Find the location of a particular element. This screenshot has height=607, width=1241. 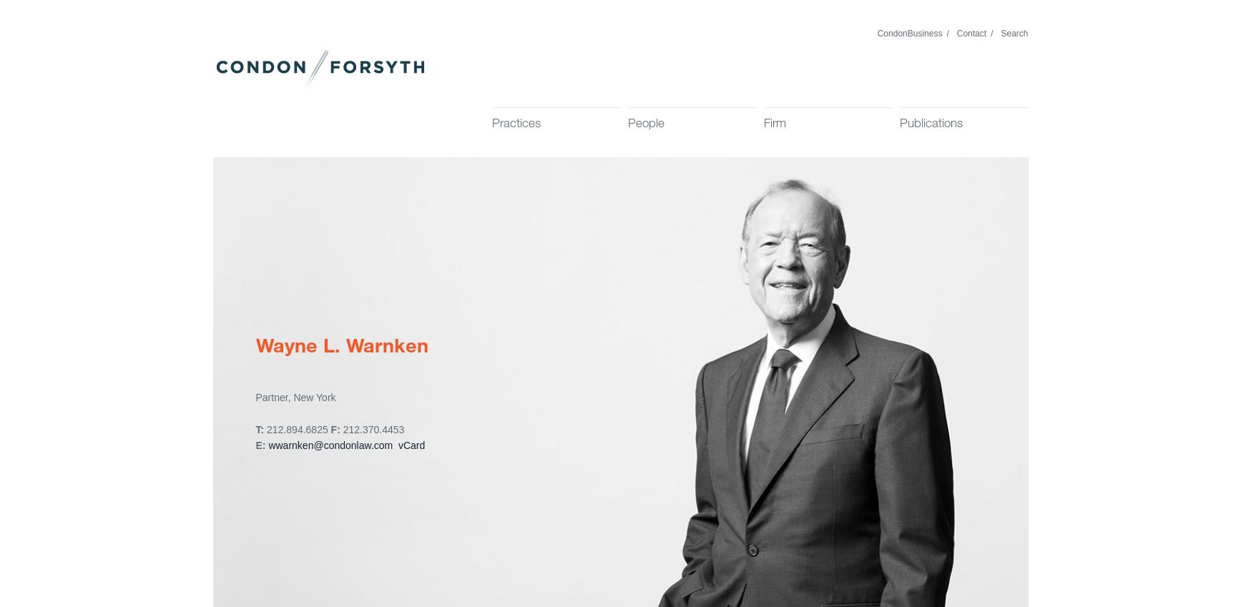

'CondonBusiness' is located at coordinates (908, 33).